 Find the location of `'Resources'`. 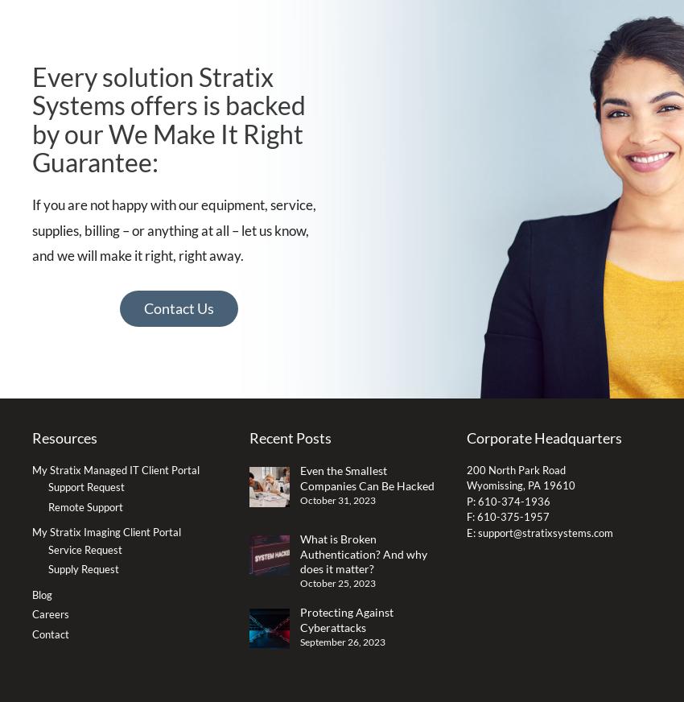

'Resources' is located at coordinates (64, 437).